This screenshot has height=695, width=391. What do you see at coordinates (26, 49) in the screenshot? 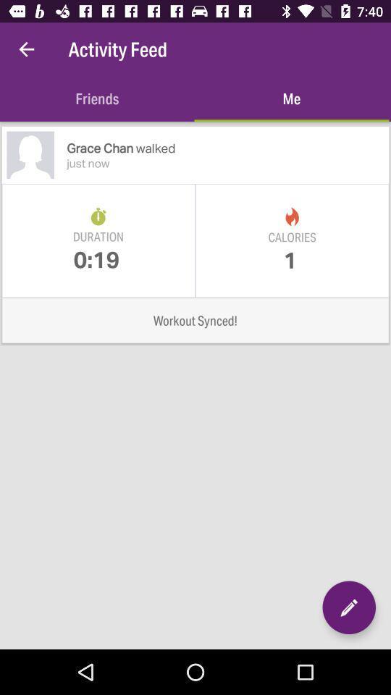
I see `item to the left of the activity feed icon` at bounding box center [26, 49].